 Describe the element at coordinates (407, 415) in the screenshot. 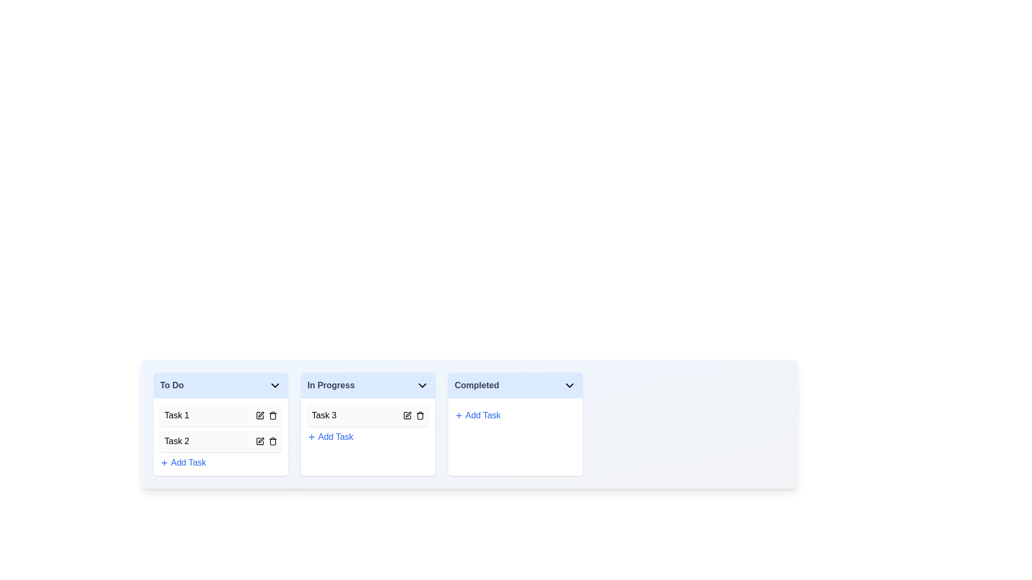

I see `the edit button for the task with title Task 3` at that location.